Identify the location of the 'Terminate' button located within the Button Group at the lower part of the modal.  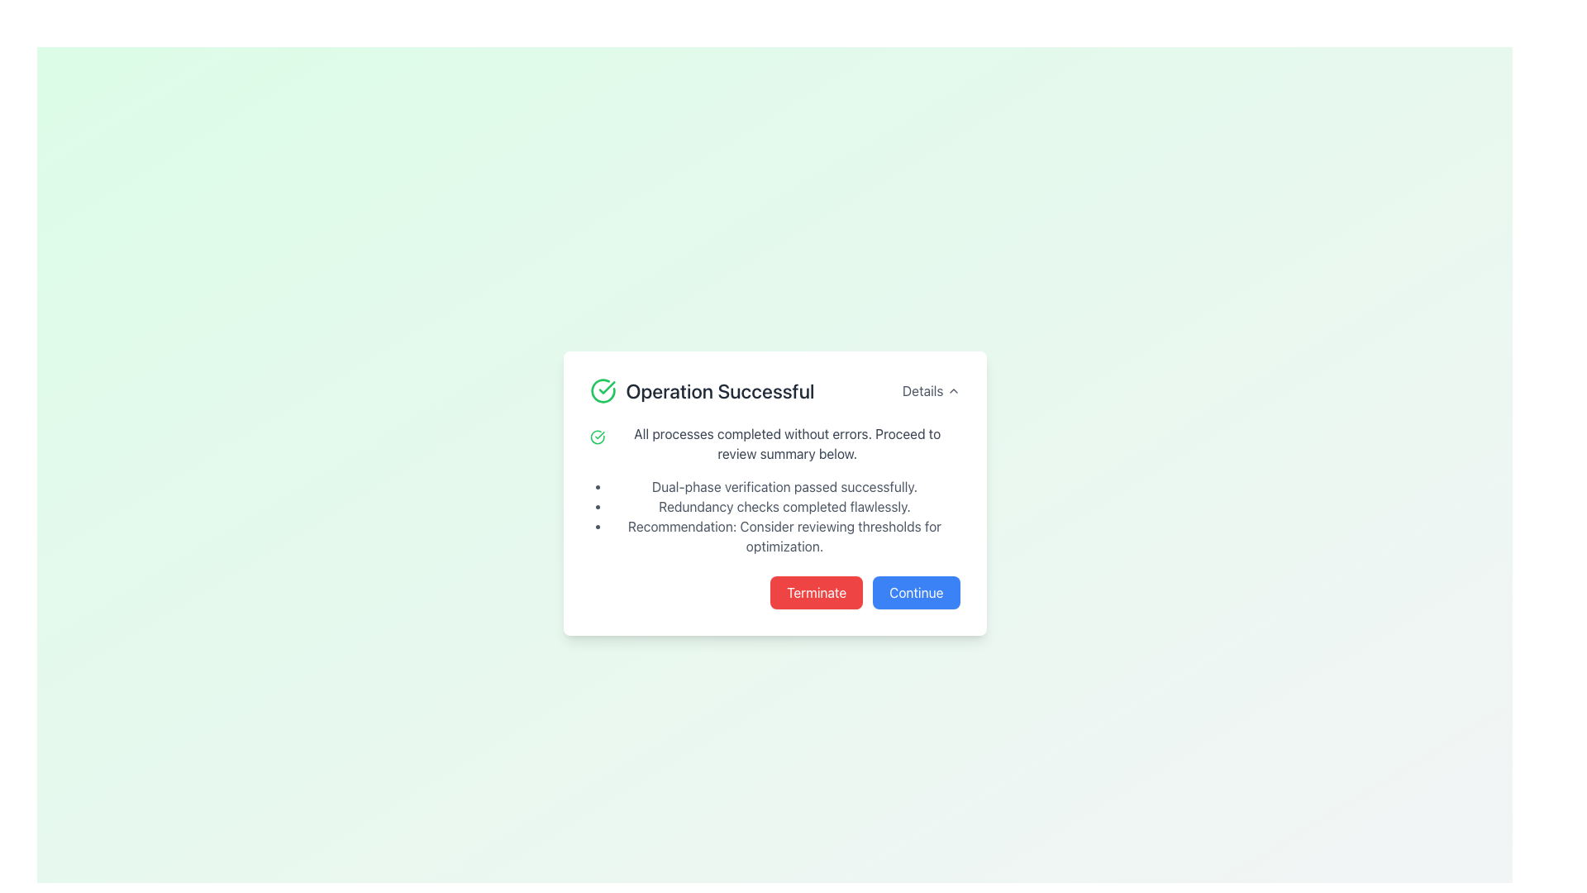
(774, 592).